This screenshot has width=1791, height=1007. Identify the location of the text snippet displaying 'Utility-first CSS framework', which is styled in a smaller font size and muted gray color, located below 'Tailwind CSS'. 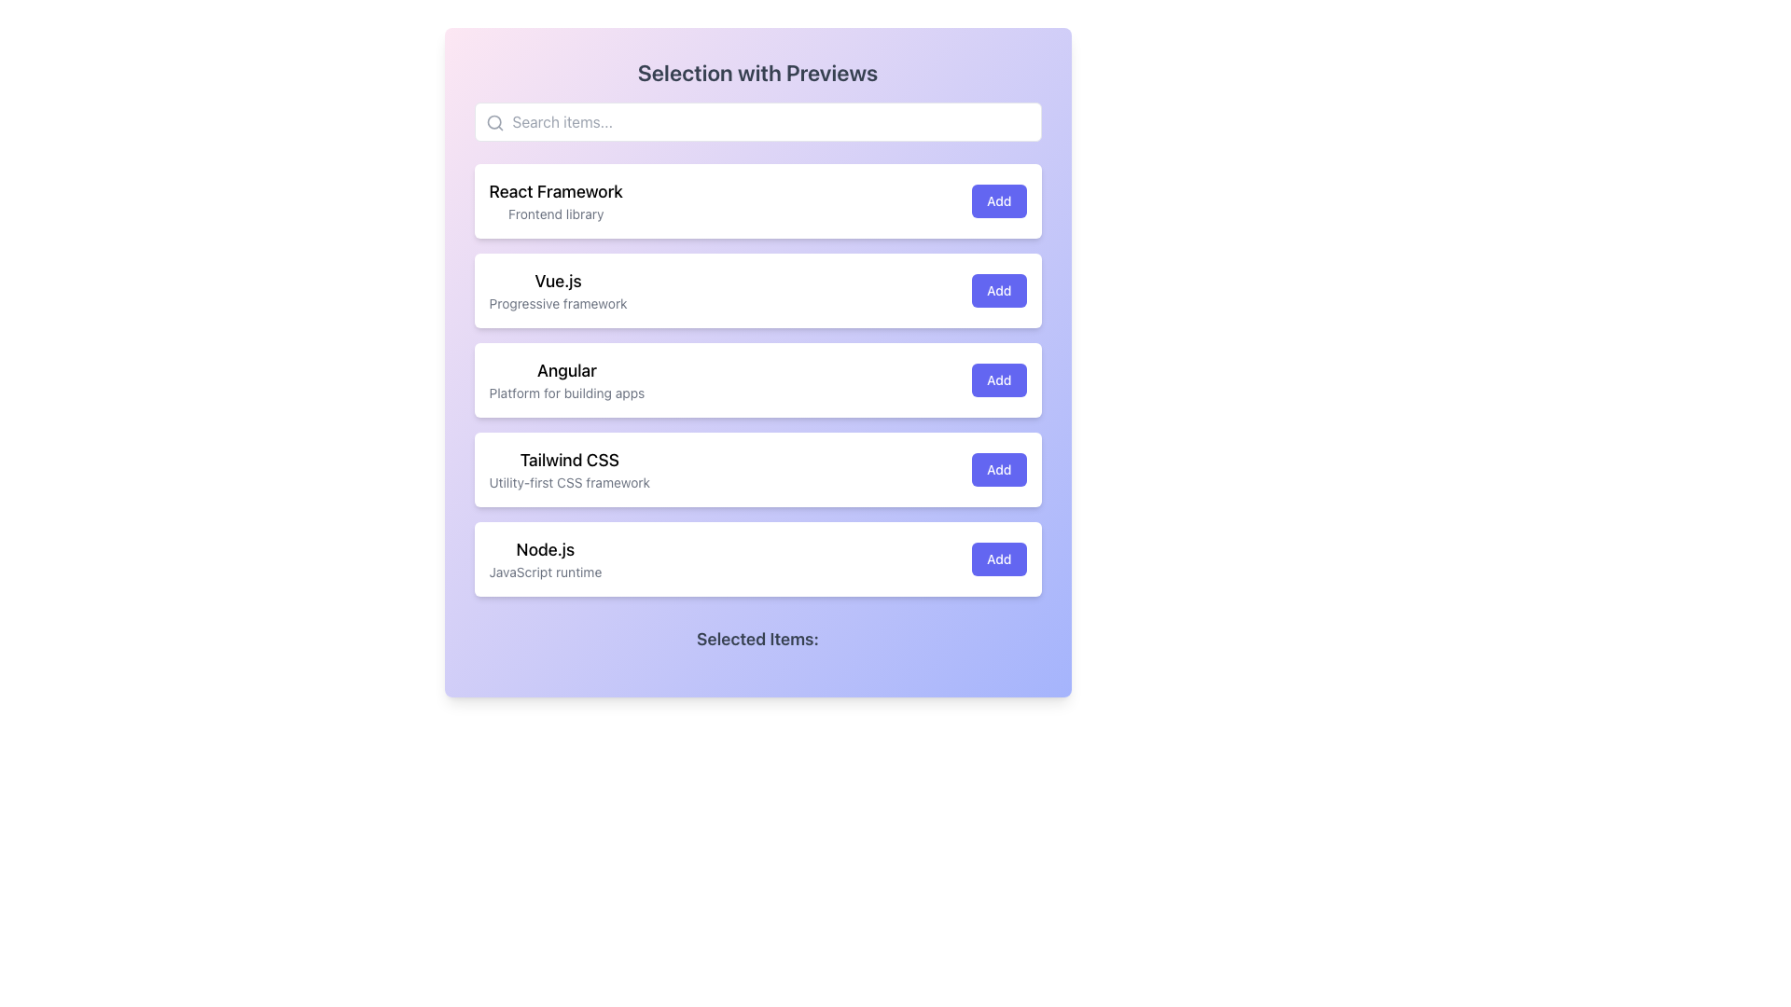
(568, 481).